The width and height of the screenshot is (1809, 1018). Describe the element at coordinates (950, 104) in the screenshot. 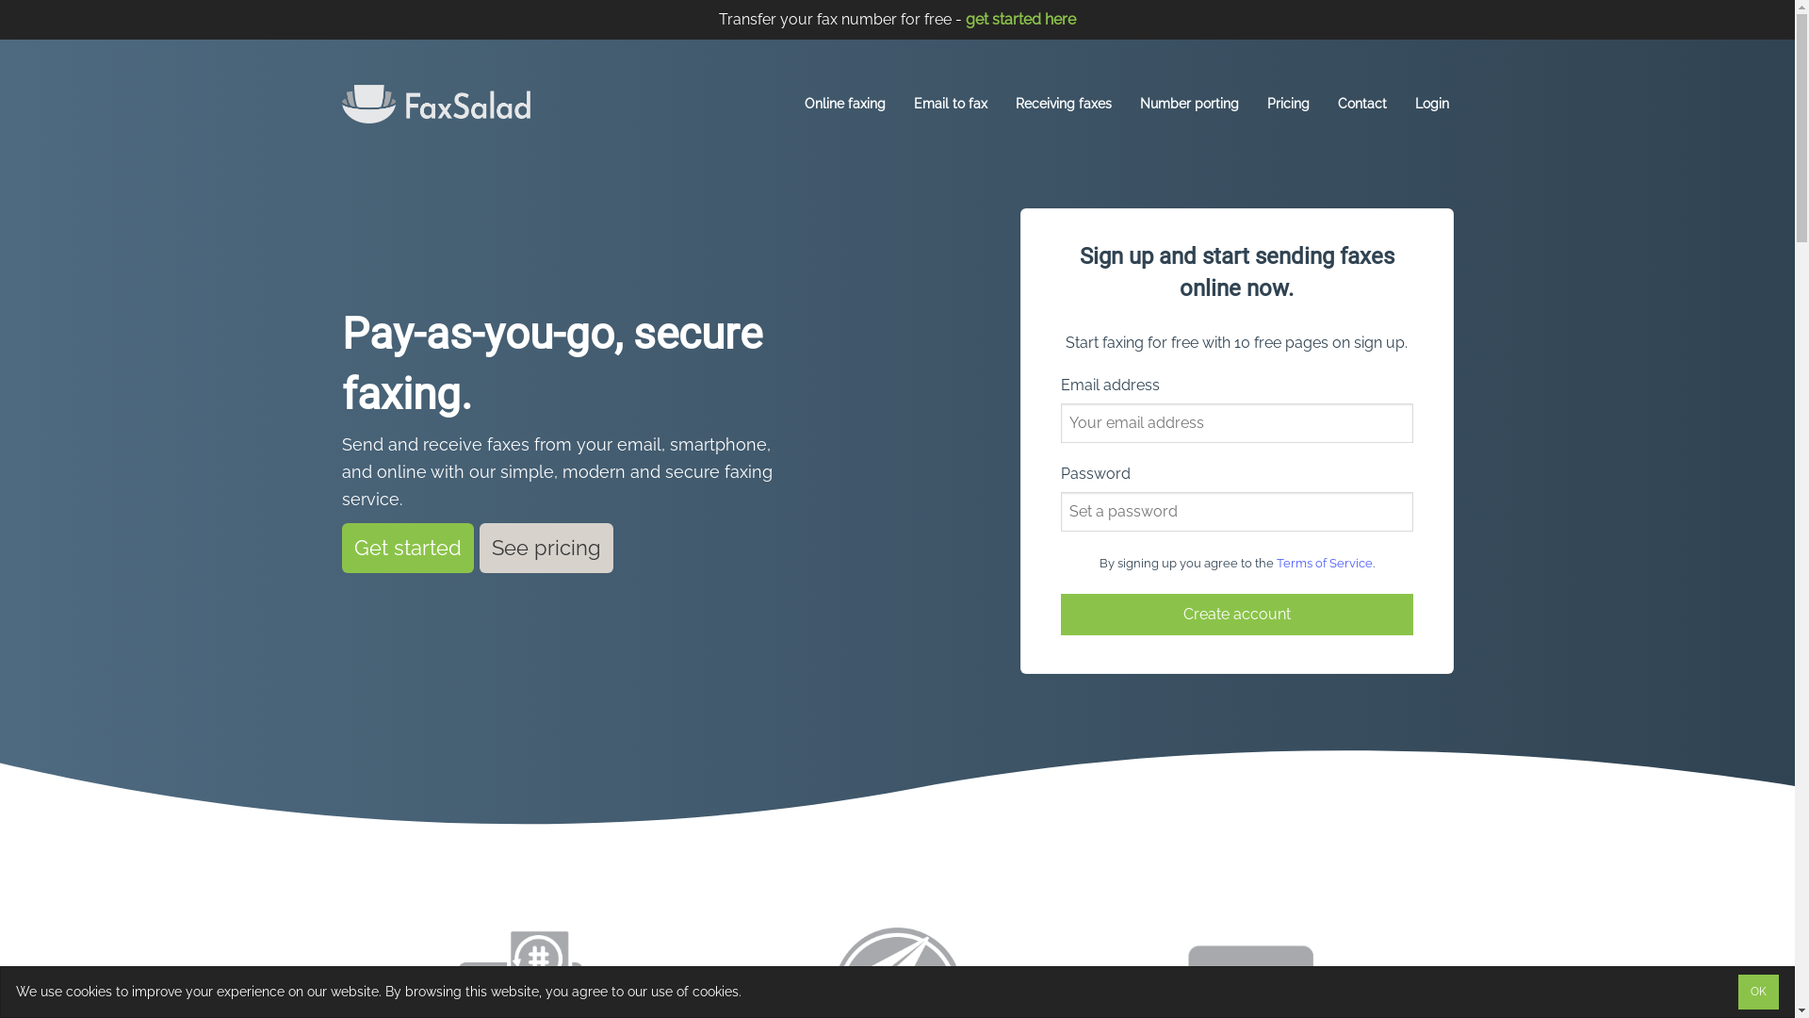

I see `'Email to fax'` at that location.